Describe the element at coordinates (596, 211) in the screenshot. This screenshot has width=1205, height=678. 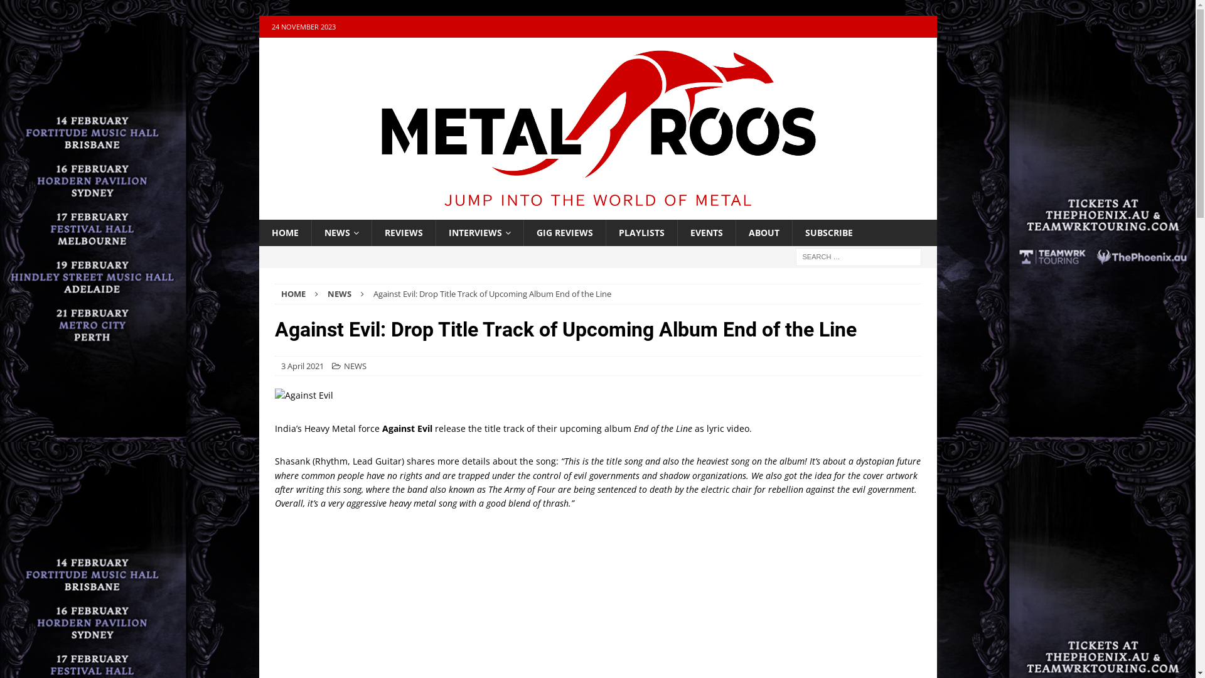
I see `'Metal-Roos'` at that location.